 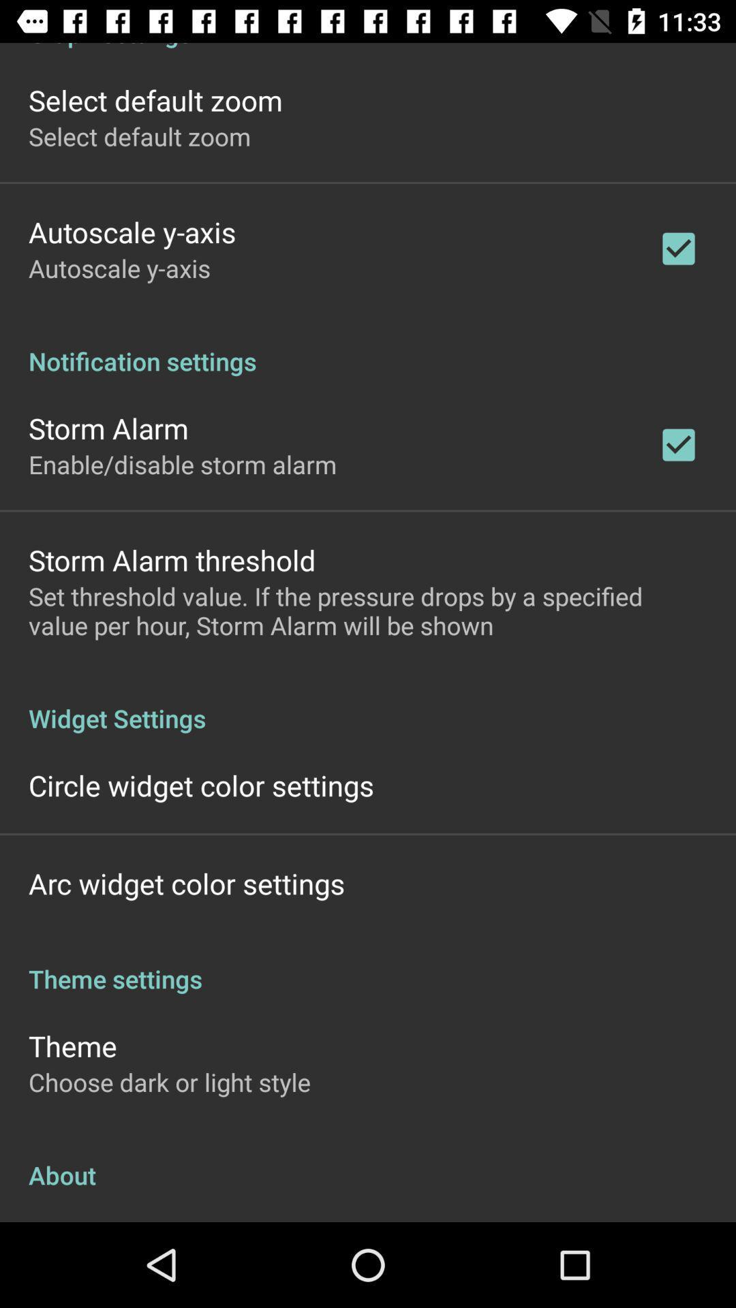 What do you see at coordinates (169, 1081) in the screenshot?
I see `item below the theme` at bounding box center [169, 1081].